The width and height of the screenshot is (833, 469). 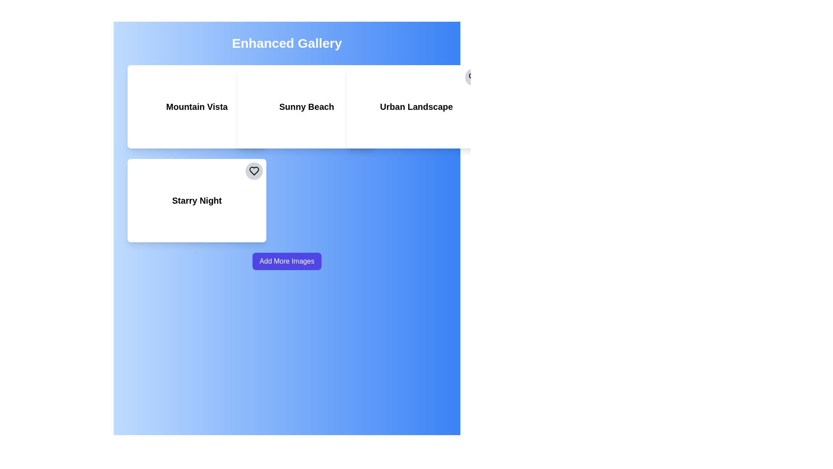 What do you see at coordinates (253, 171) in the screenshot?
I see `the heart-shaped icon with a thin black stroke located in the top-right corner of the 'Starry Night' card to mark it as favorite` at bounding box center [253, 171].